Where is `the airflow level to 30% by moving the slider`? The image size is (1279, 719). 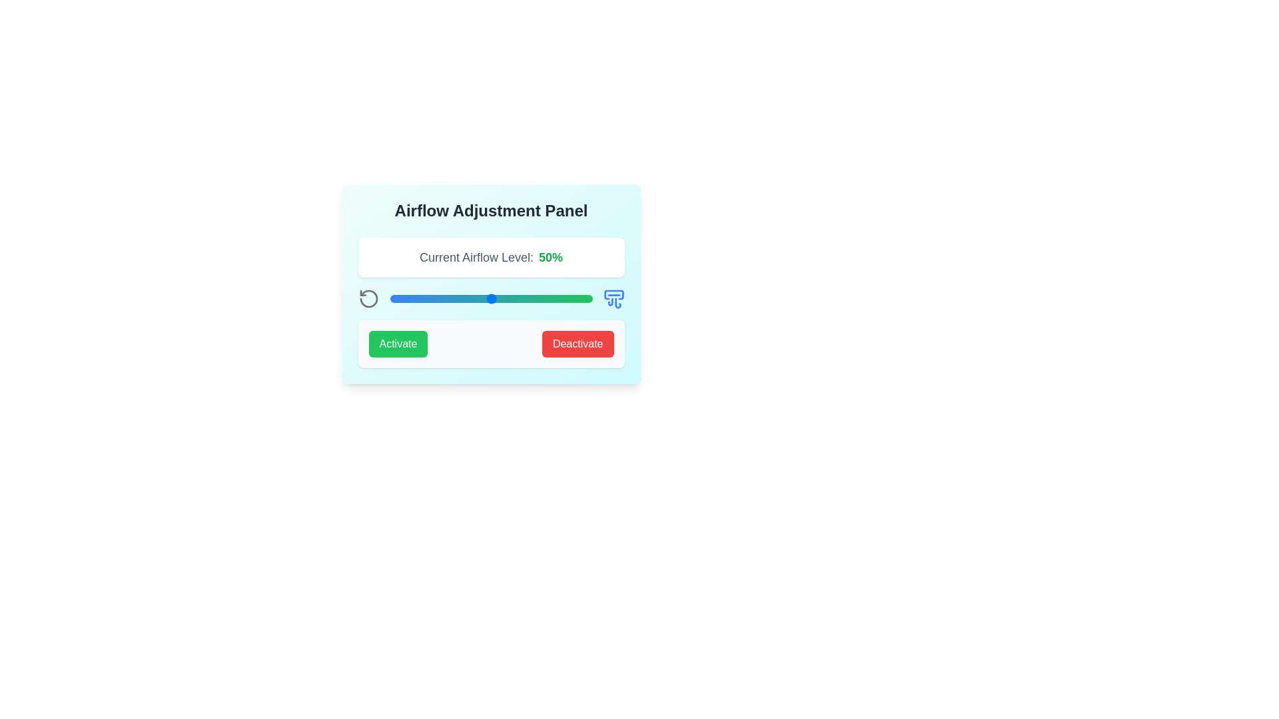 the airflow level to 30% by moving the slider is located at coordinates (450, 298).